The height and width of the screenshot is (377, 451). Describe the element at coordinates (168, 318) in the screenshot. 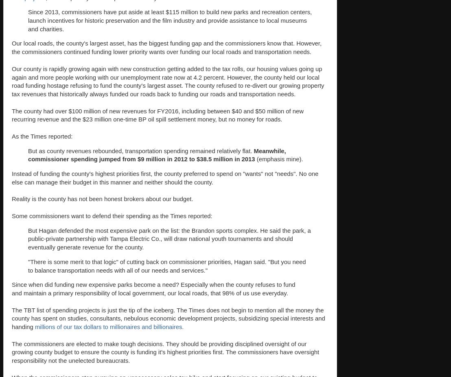

I see `'The TBT list of spending projects is just the tip of the iceberg. The Times does not begin to mention all the money the county has spent on studies, consultants, nebulous economic development projects, subsidizing special interests and handing'` at that location.